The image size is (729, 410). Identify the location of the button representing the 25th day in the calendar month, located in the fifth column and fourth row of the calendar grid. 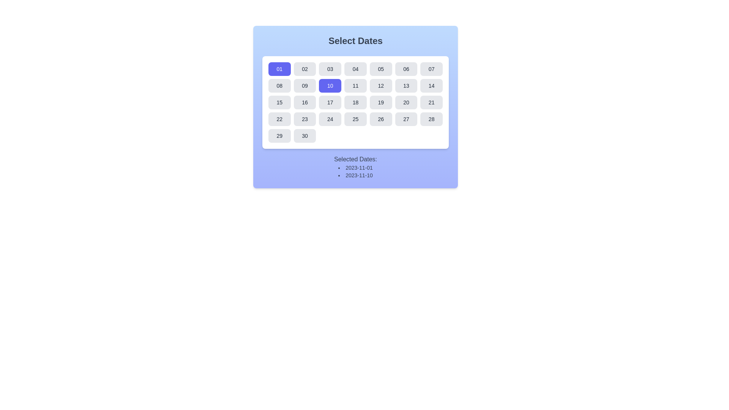
(355, 119).